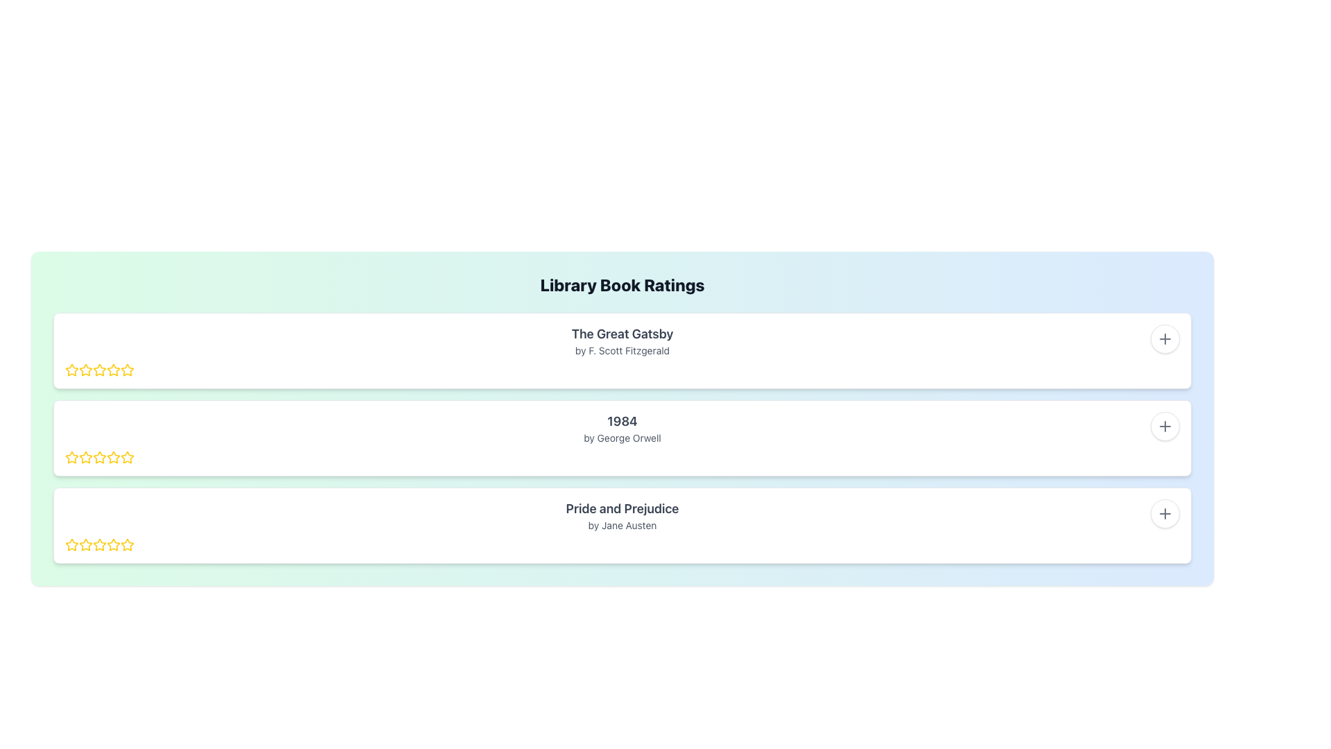 The height and width of the screenshot is (749, 1331). Describe the element at coordinates (85, 457) in the screenshot. I see `the second star rating icon for the book '1984' by George Orwell, which represents a rating of 2 stars` at that location.